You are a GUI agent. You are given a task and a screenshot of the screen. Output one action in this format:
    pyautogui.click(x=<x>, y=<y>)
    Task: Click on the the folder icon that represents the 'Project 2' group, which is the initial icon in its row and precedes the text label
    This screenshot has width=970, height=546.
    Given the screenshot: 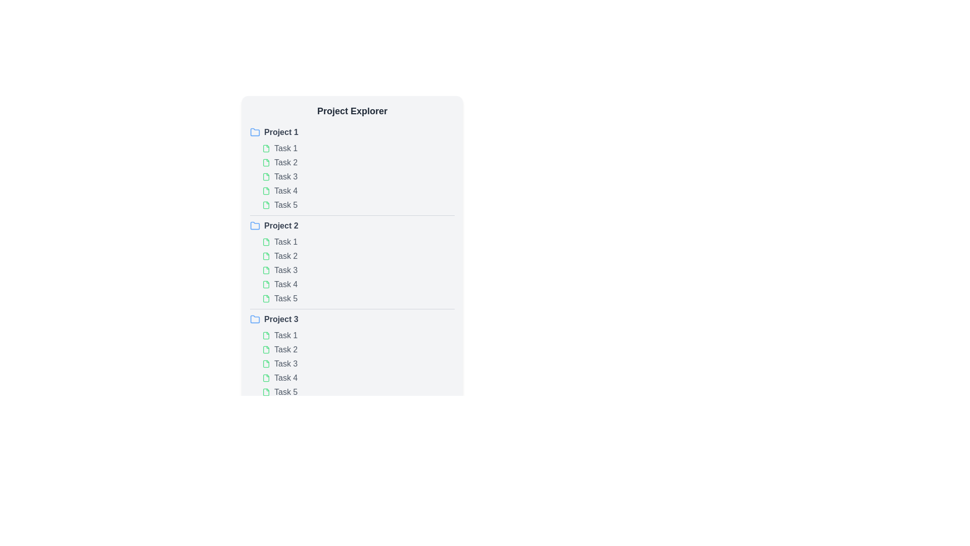 What is the action you would take?
    pyautogui.click(x=255, y=225)
    